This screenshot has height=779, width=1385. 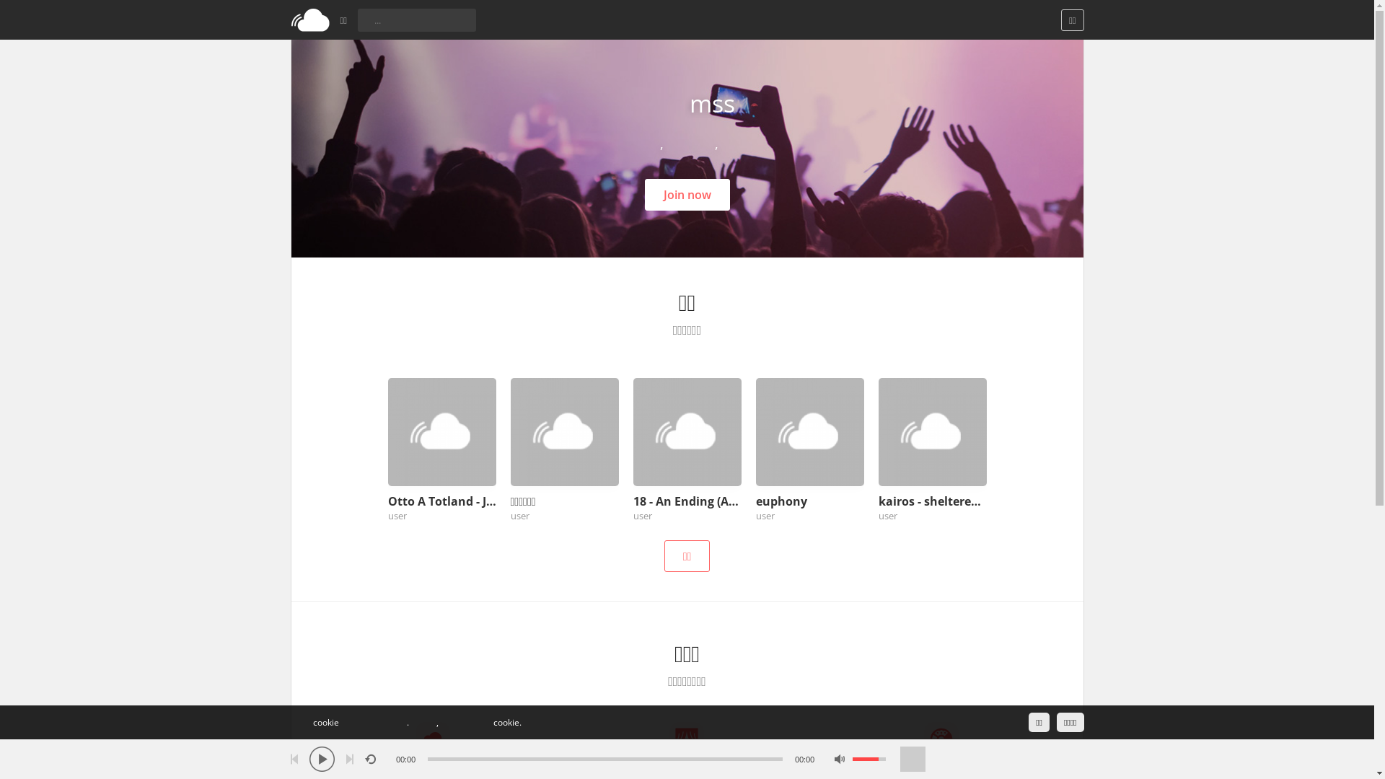 I want to click on 'Join now', so click(x=687, y=195).